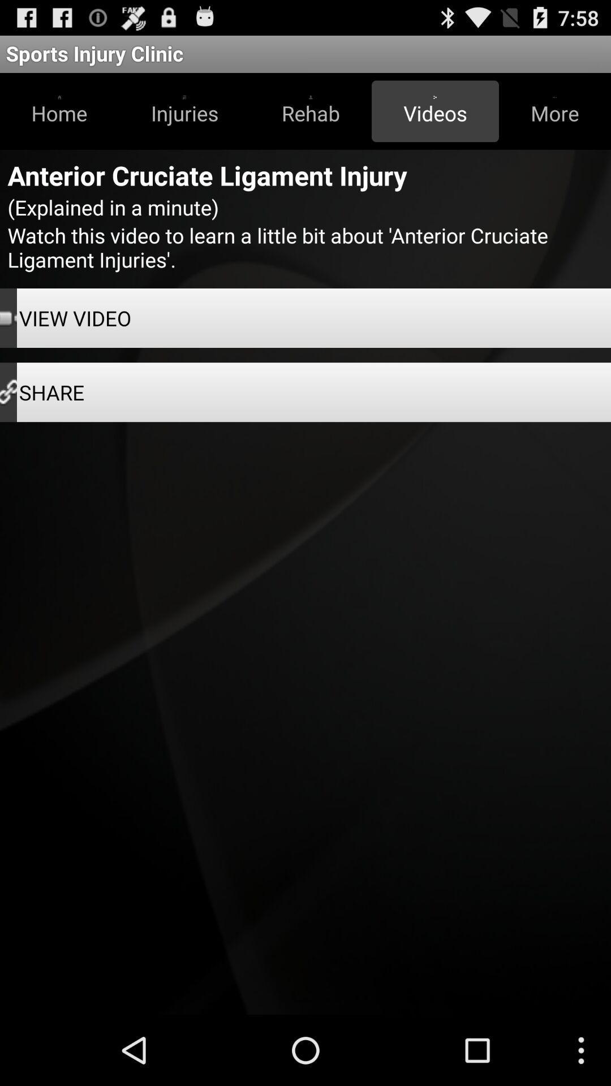 Image resolution: width=611 pixels, height=1086 pixels. I want to click on button to the left of the more, so click(434, 111).